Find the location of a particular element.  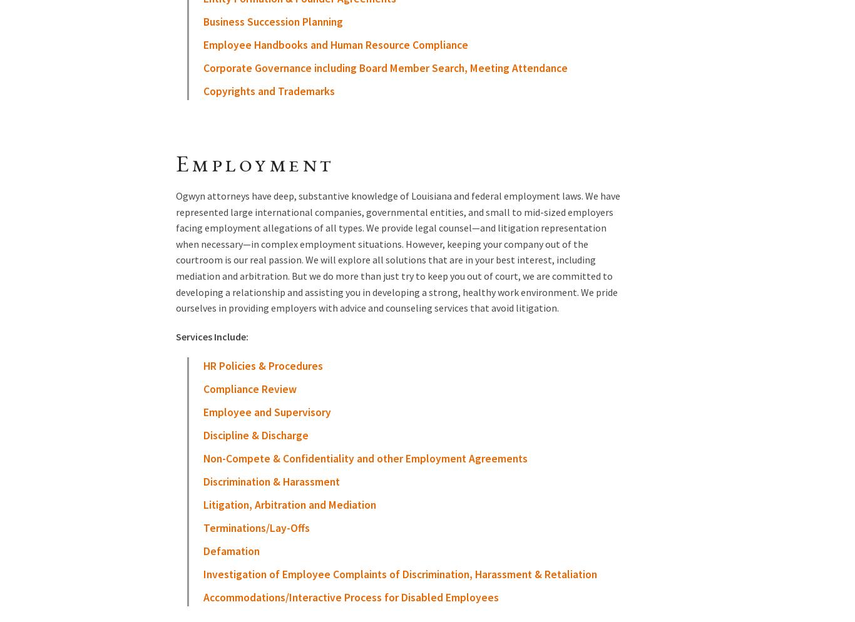

'Non-Compete & Confidentiality and other Employment Agreements' is located at coordinates (364, 458).